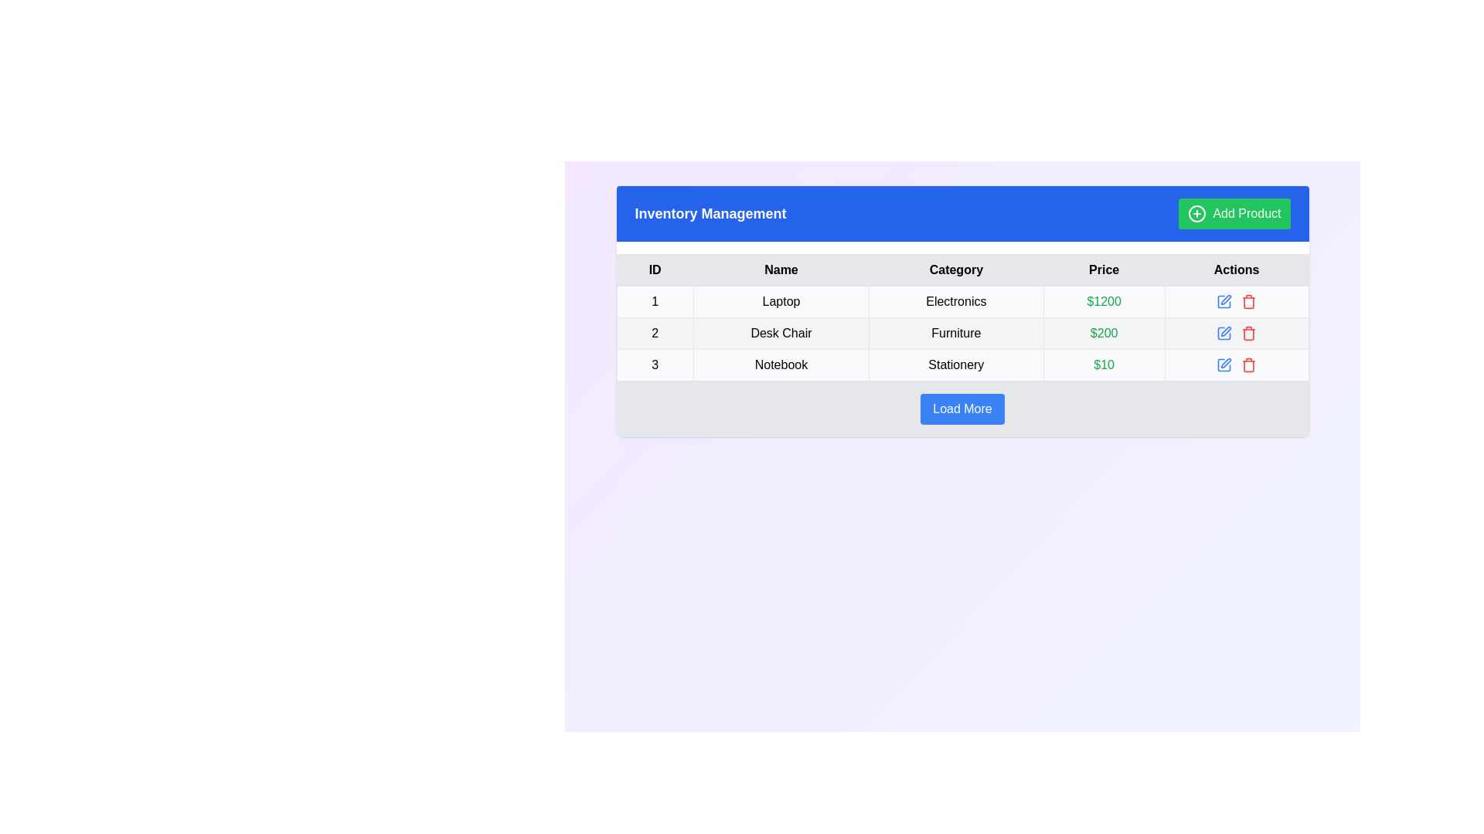 Image resolution: width=1484 pixels, height=834 pixels. Describe the element at coordinates (781, 270) in the screenshot. I see `the Table Header Cell displaying 'Name' with a gray background and black text, which is the second column header in a table row` at that location.